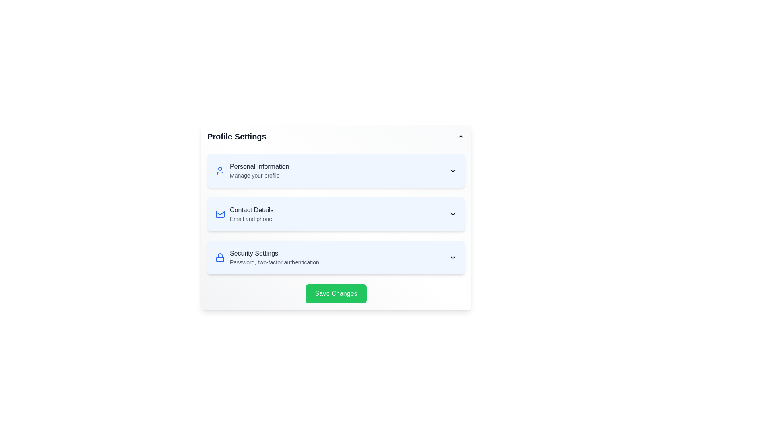  What do you see at coordinates (267, 257) in the screenshot?
I see `the 'Security Settings' expandable menu option, which is identified by the blue lock icon and the text 'Security Settings' in bold` at bounding box center [267, 257].